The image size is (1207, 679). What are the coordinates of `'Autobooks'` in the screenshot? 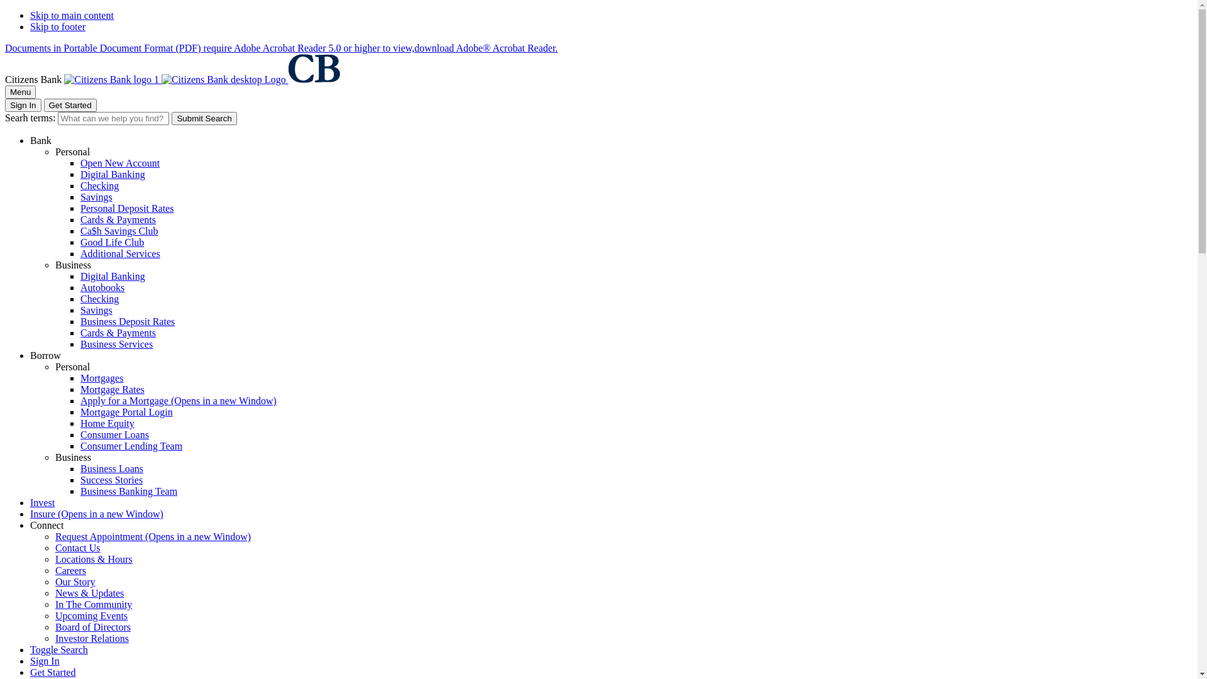 It's located at (102, 287).